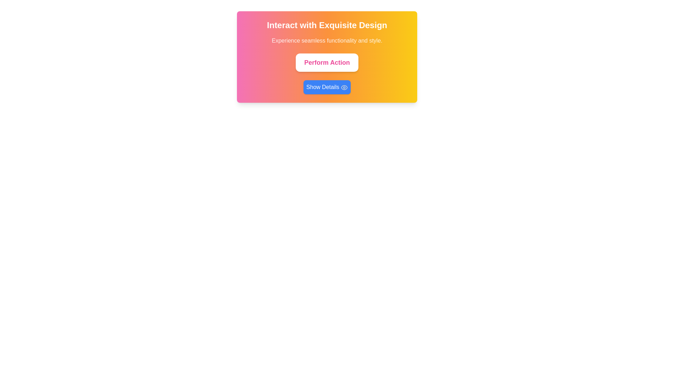 The height and width of the screenshot is (380, 676). I want to click on the blue 'Show Details' button with an eye icon, so click(327, 87).